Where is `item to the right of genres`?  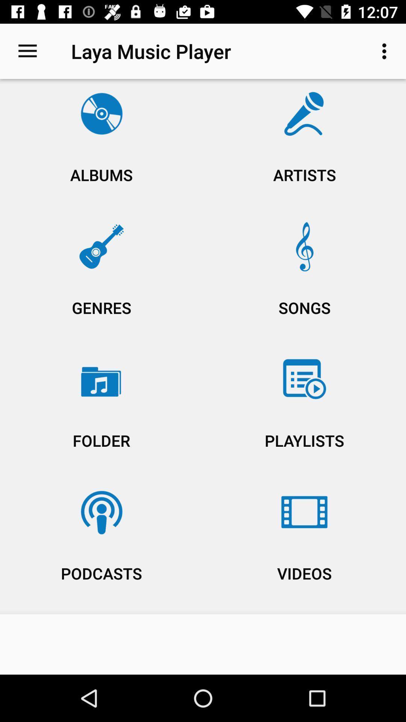 item to the right of genres is located at coordinates (304, 413).